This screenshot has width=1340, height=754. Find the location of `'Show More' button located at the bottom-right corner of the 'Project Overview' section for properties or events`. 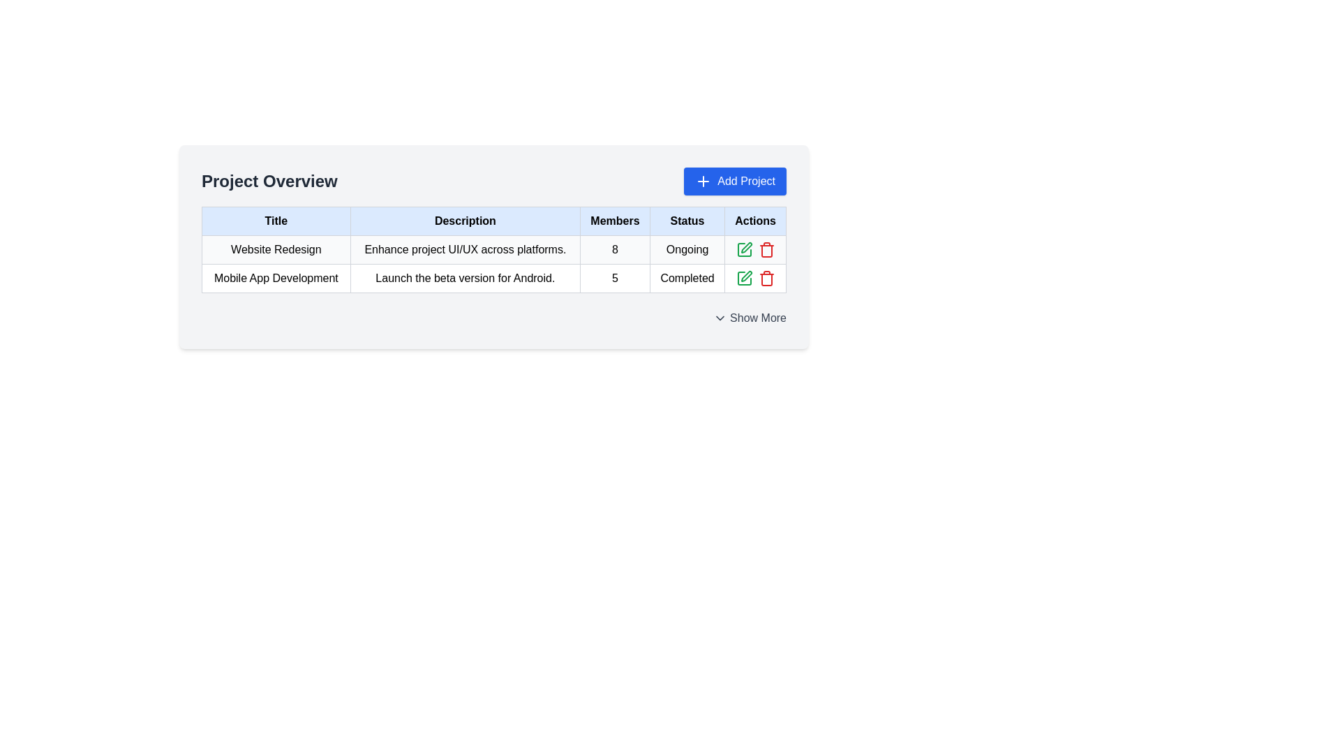

'Show More' button located at the bottom-right corner of the 'Project Overview' section for properties or events is located at coordinates (749, 318).